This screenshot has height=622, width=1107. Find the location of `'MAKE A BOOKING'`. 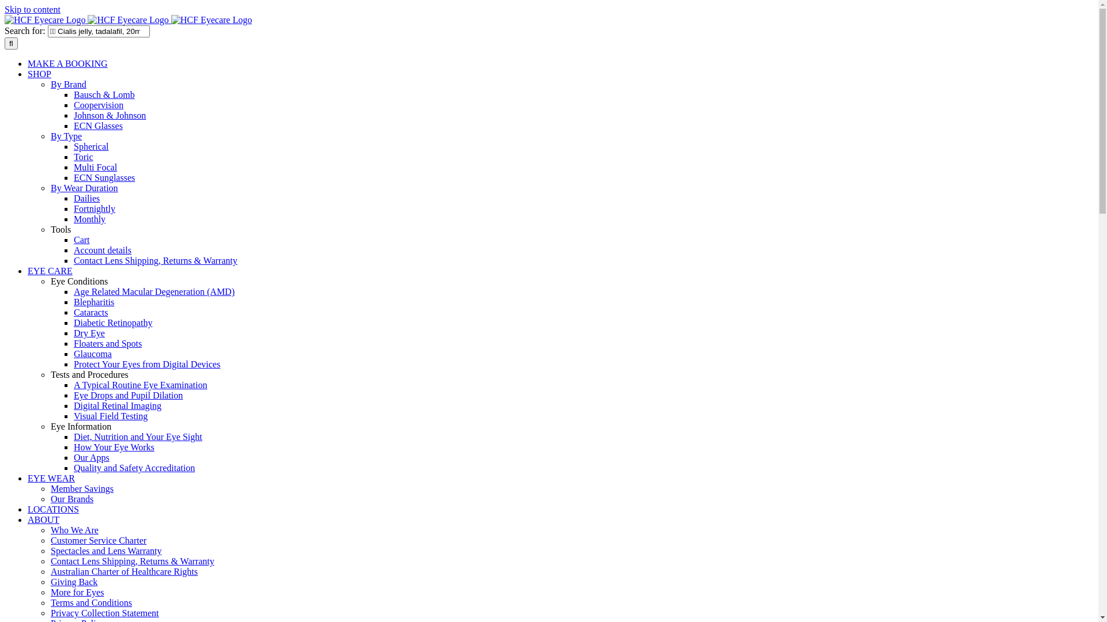

'MAKE A BOOKING' is located at coordinates (67, 63).